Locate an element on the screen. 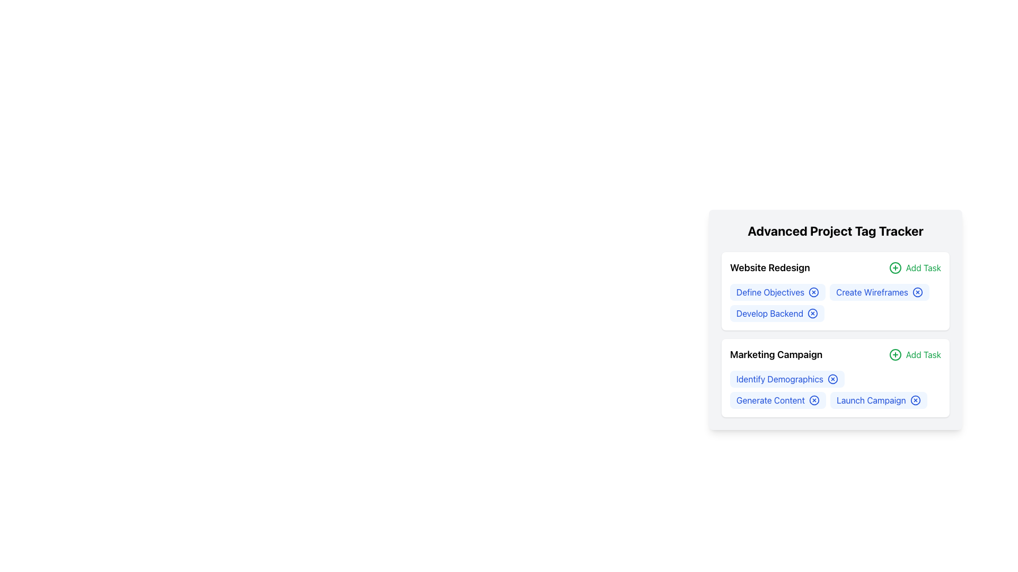 This screenshot has width=1018, height=572. the label displaying 'Develop Backend' in blue font, which is styled with a rounded light blue background and is part of the task list for 'Website Redesign' is located at coordinates (770, 312).